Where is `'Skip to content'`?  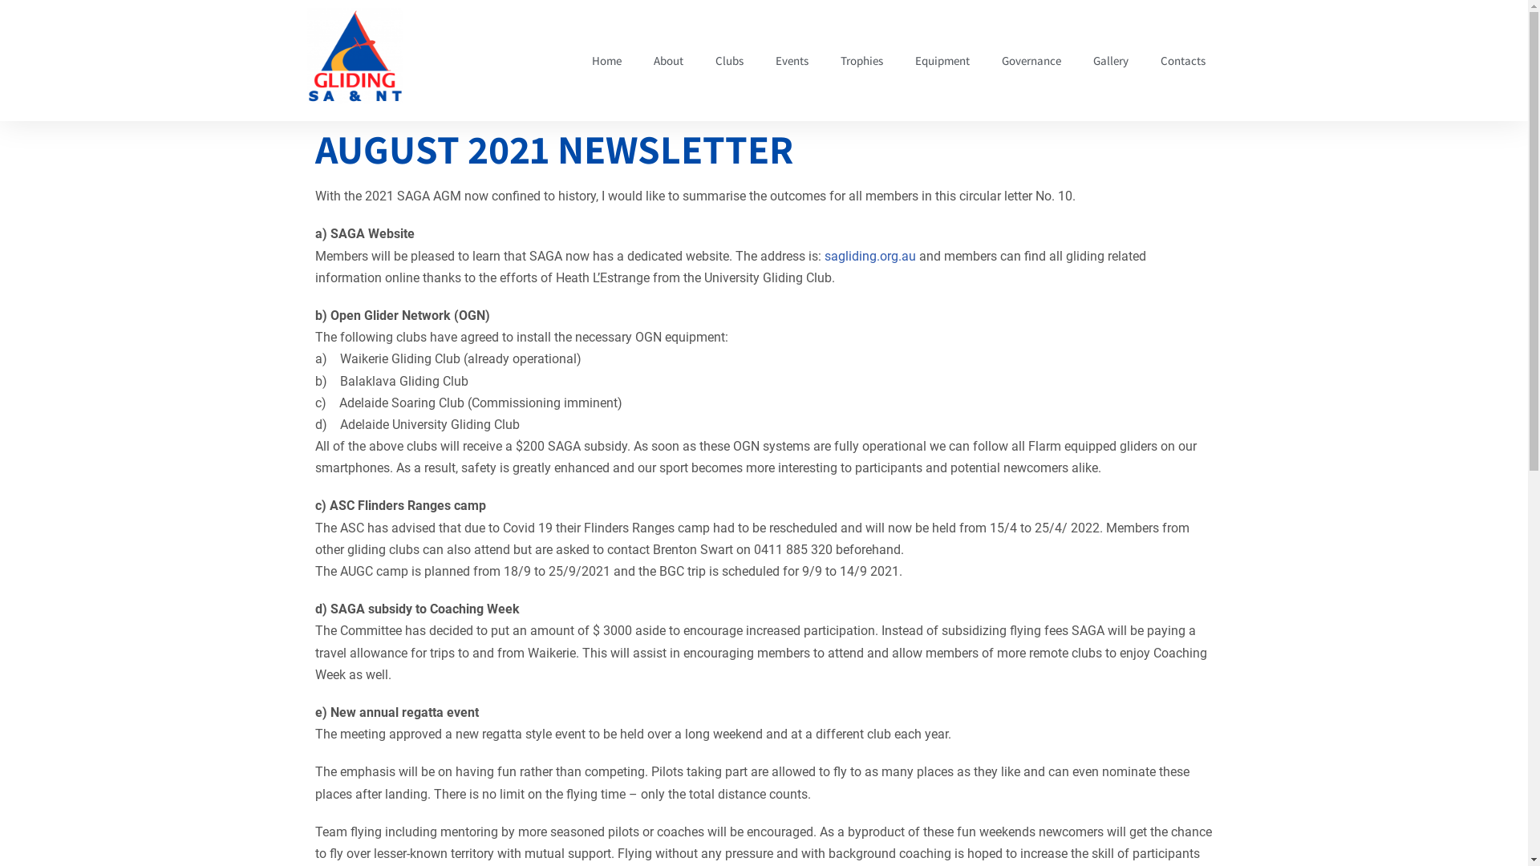 'Skip to content' is located at coordinates (11, 34).